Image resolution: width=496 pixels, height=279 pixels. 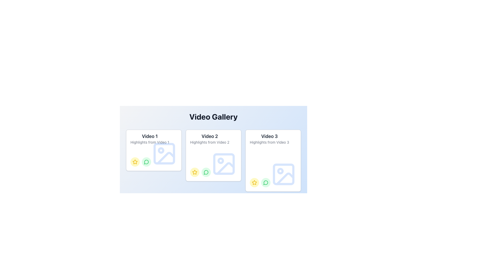 What do you see at coordinates (224, 164) in the screenshot?
I see `the media icon within the 'Video 2' card in the gallery display, which is located towards the center-right beneath the title and subtitle text` at bounding box center [224, 164].